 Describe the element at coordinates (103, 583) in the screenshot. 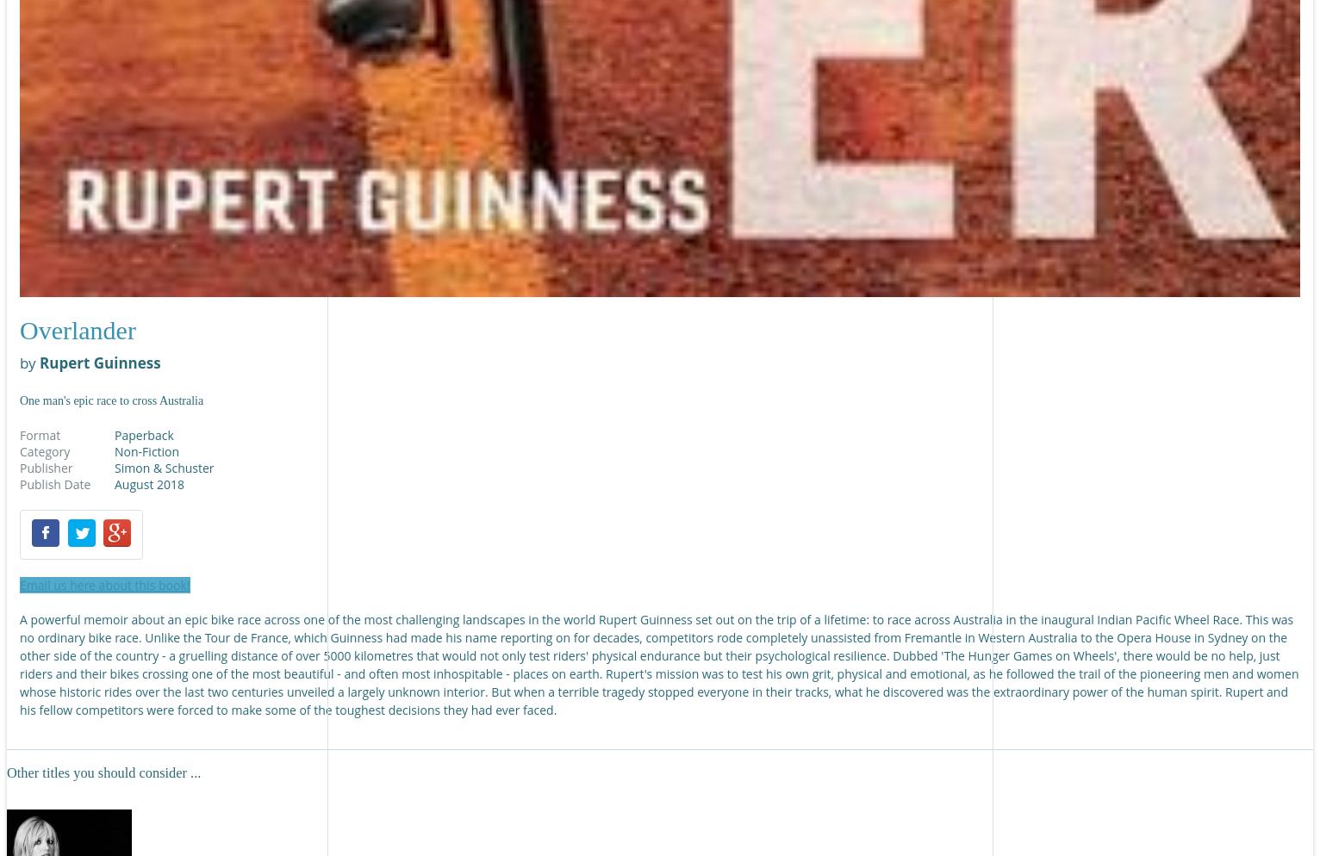

I see `'Email us here about this book!'` at that location.